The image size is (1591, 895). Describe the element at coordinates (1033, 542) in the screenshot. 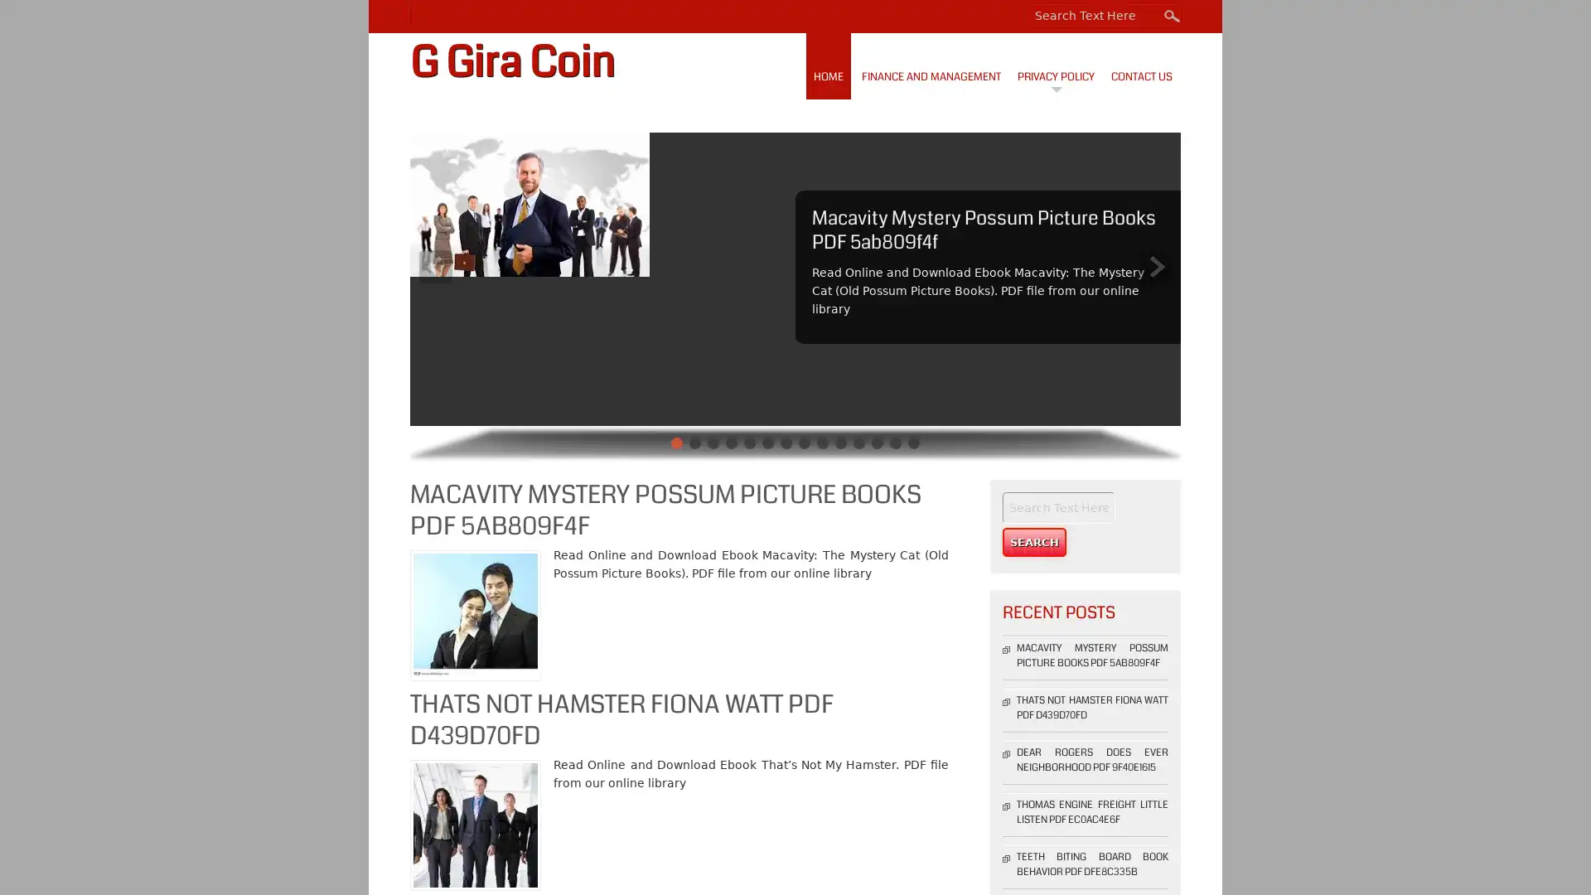

I see `Search` at that location.